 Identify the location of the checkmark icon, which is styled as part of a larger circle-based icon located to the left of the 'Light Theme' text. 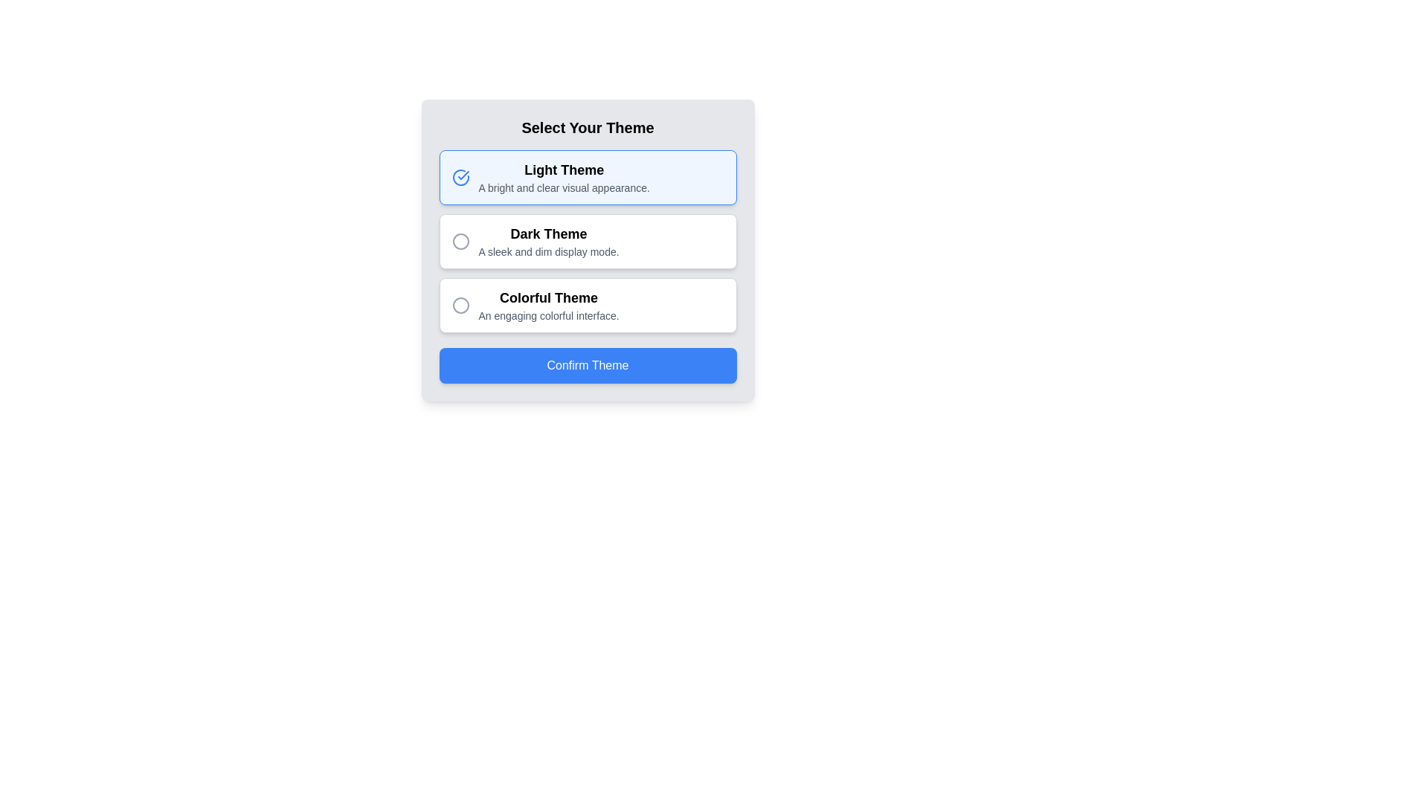
(463, 174).